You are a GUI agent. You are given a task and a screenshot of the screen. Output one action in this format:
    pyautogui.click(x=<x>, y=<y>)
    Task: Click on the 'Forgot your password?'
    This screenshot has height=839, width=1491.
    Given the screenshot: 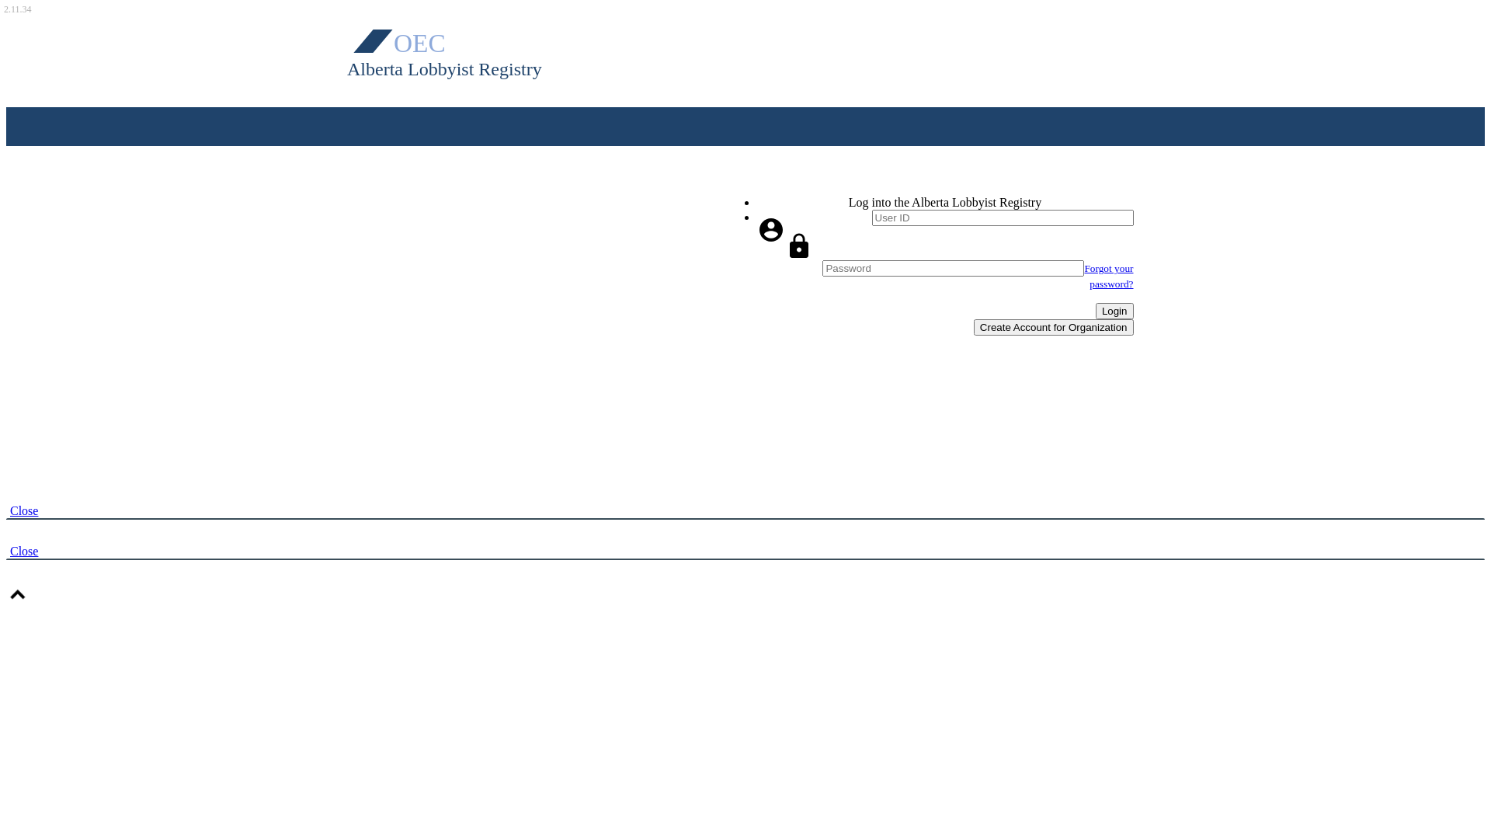 What is the action you would take?
    pyautogui.click(x=1083, y=275)
    